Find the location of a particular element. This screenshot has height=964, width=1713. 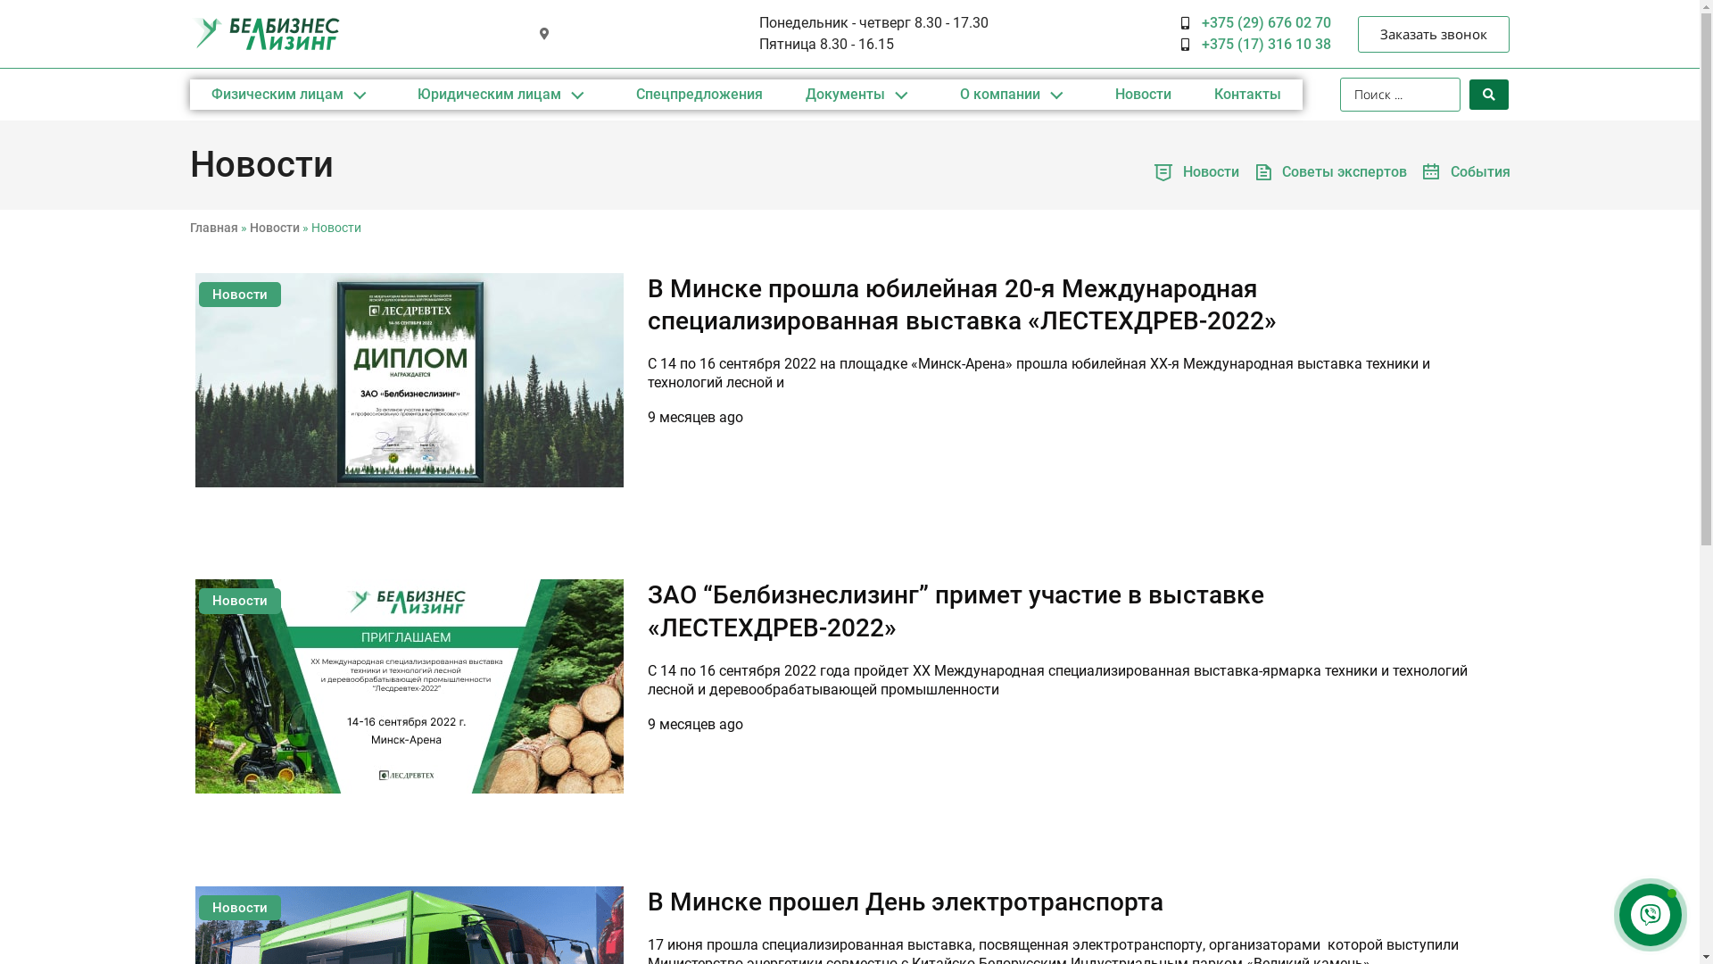

'+375 (29) 676 02 70' is located at coordinates (1254, 23).